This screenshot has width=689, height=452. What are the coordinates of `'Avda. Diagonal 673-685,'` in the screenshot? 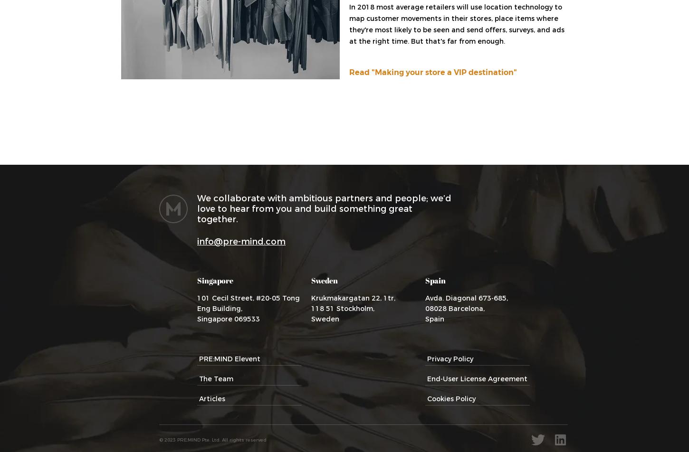 It's located at (466, 298).